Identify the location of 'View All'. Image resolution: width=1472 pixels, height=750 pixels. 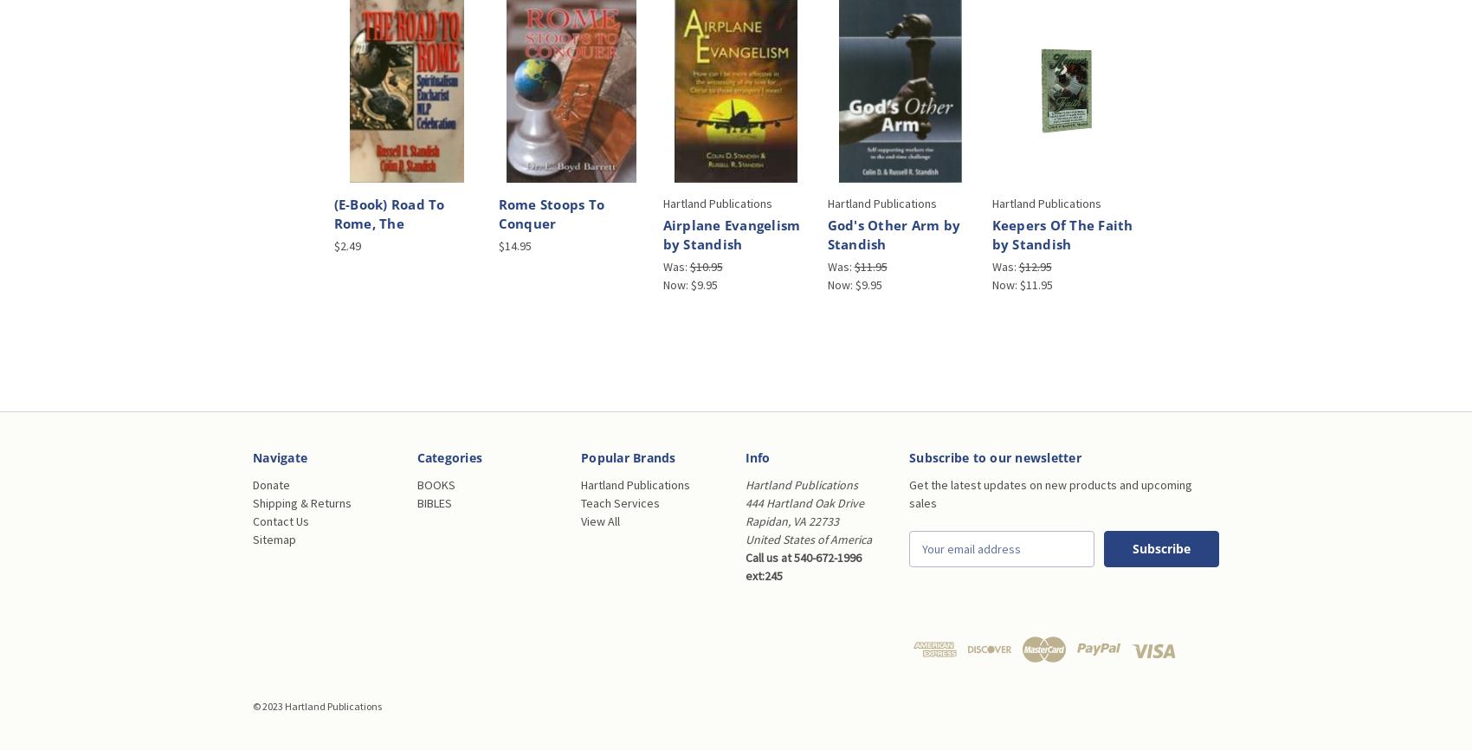
(580, 520).